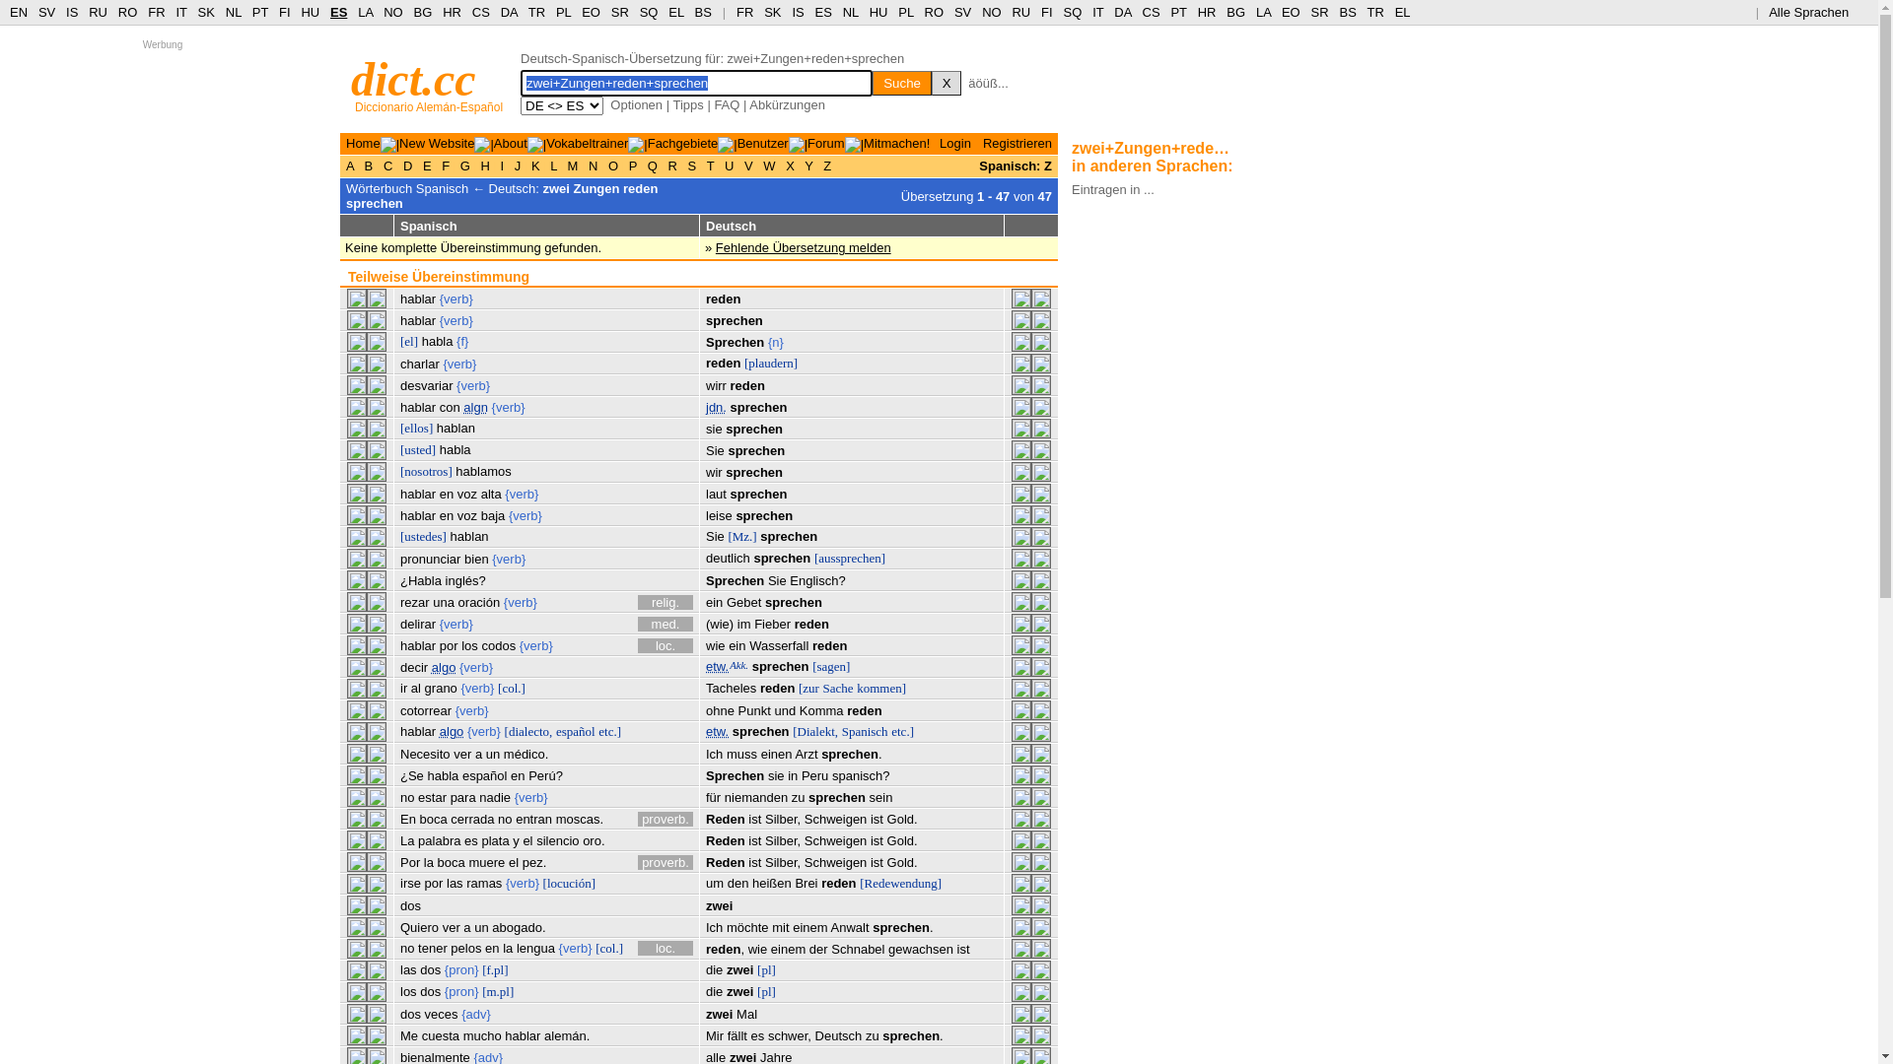 The width and height of the screenshot is (1893, 1064). Describe the element at coordinates (399, 364) in the screenshot. I see `'charlar'` at that location.